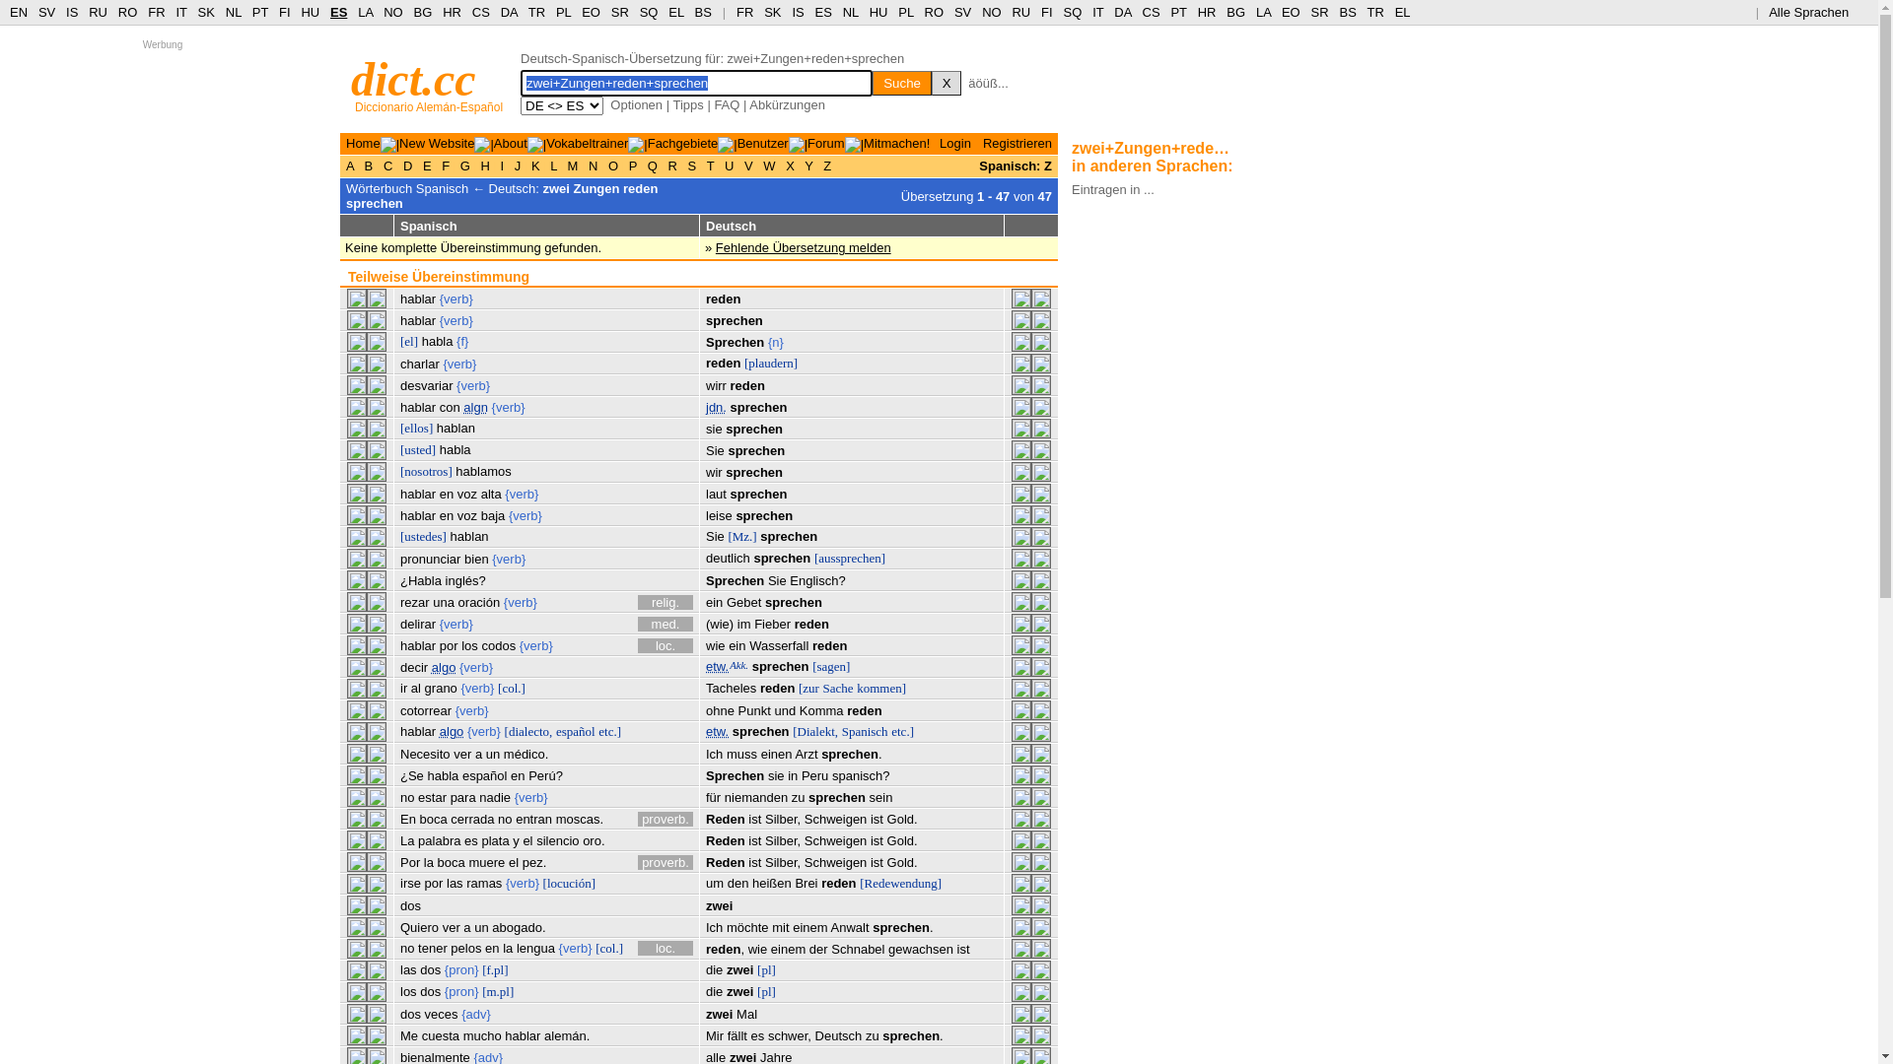 The width and height of the screenshot is (1893, 1064). Describe the element at coordinates (399, 364) in the screenshot. I see `'charlar'` at that location.